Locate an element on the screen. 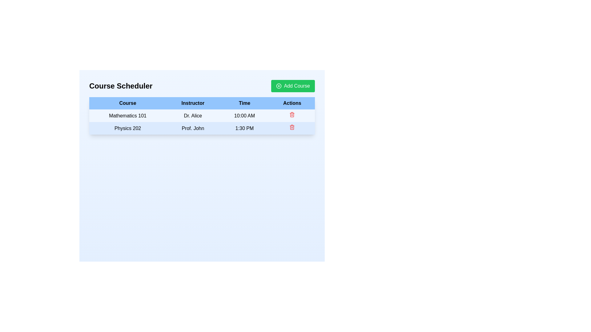  the Text Display element that shows the scheduled time for the course 'Physics 202' under the 'Time' column in the 'Course Scheduler' table is located at coordinates (244, 128).